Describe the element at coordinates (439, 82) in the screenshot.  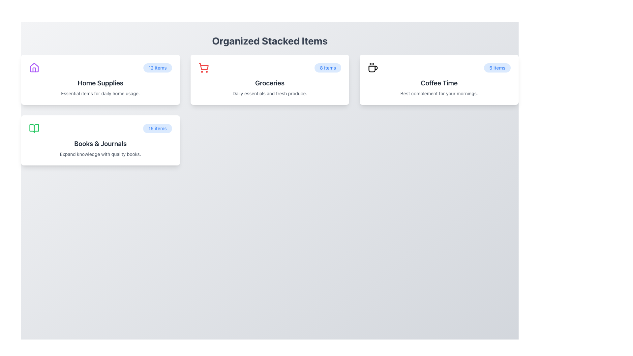
I see `the 'Coffee Time' text label, which is a bold, large dark gray text element located in the top-right of a card, below the '5 items' label` at that location.